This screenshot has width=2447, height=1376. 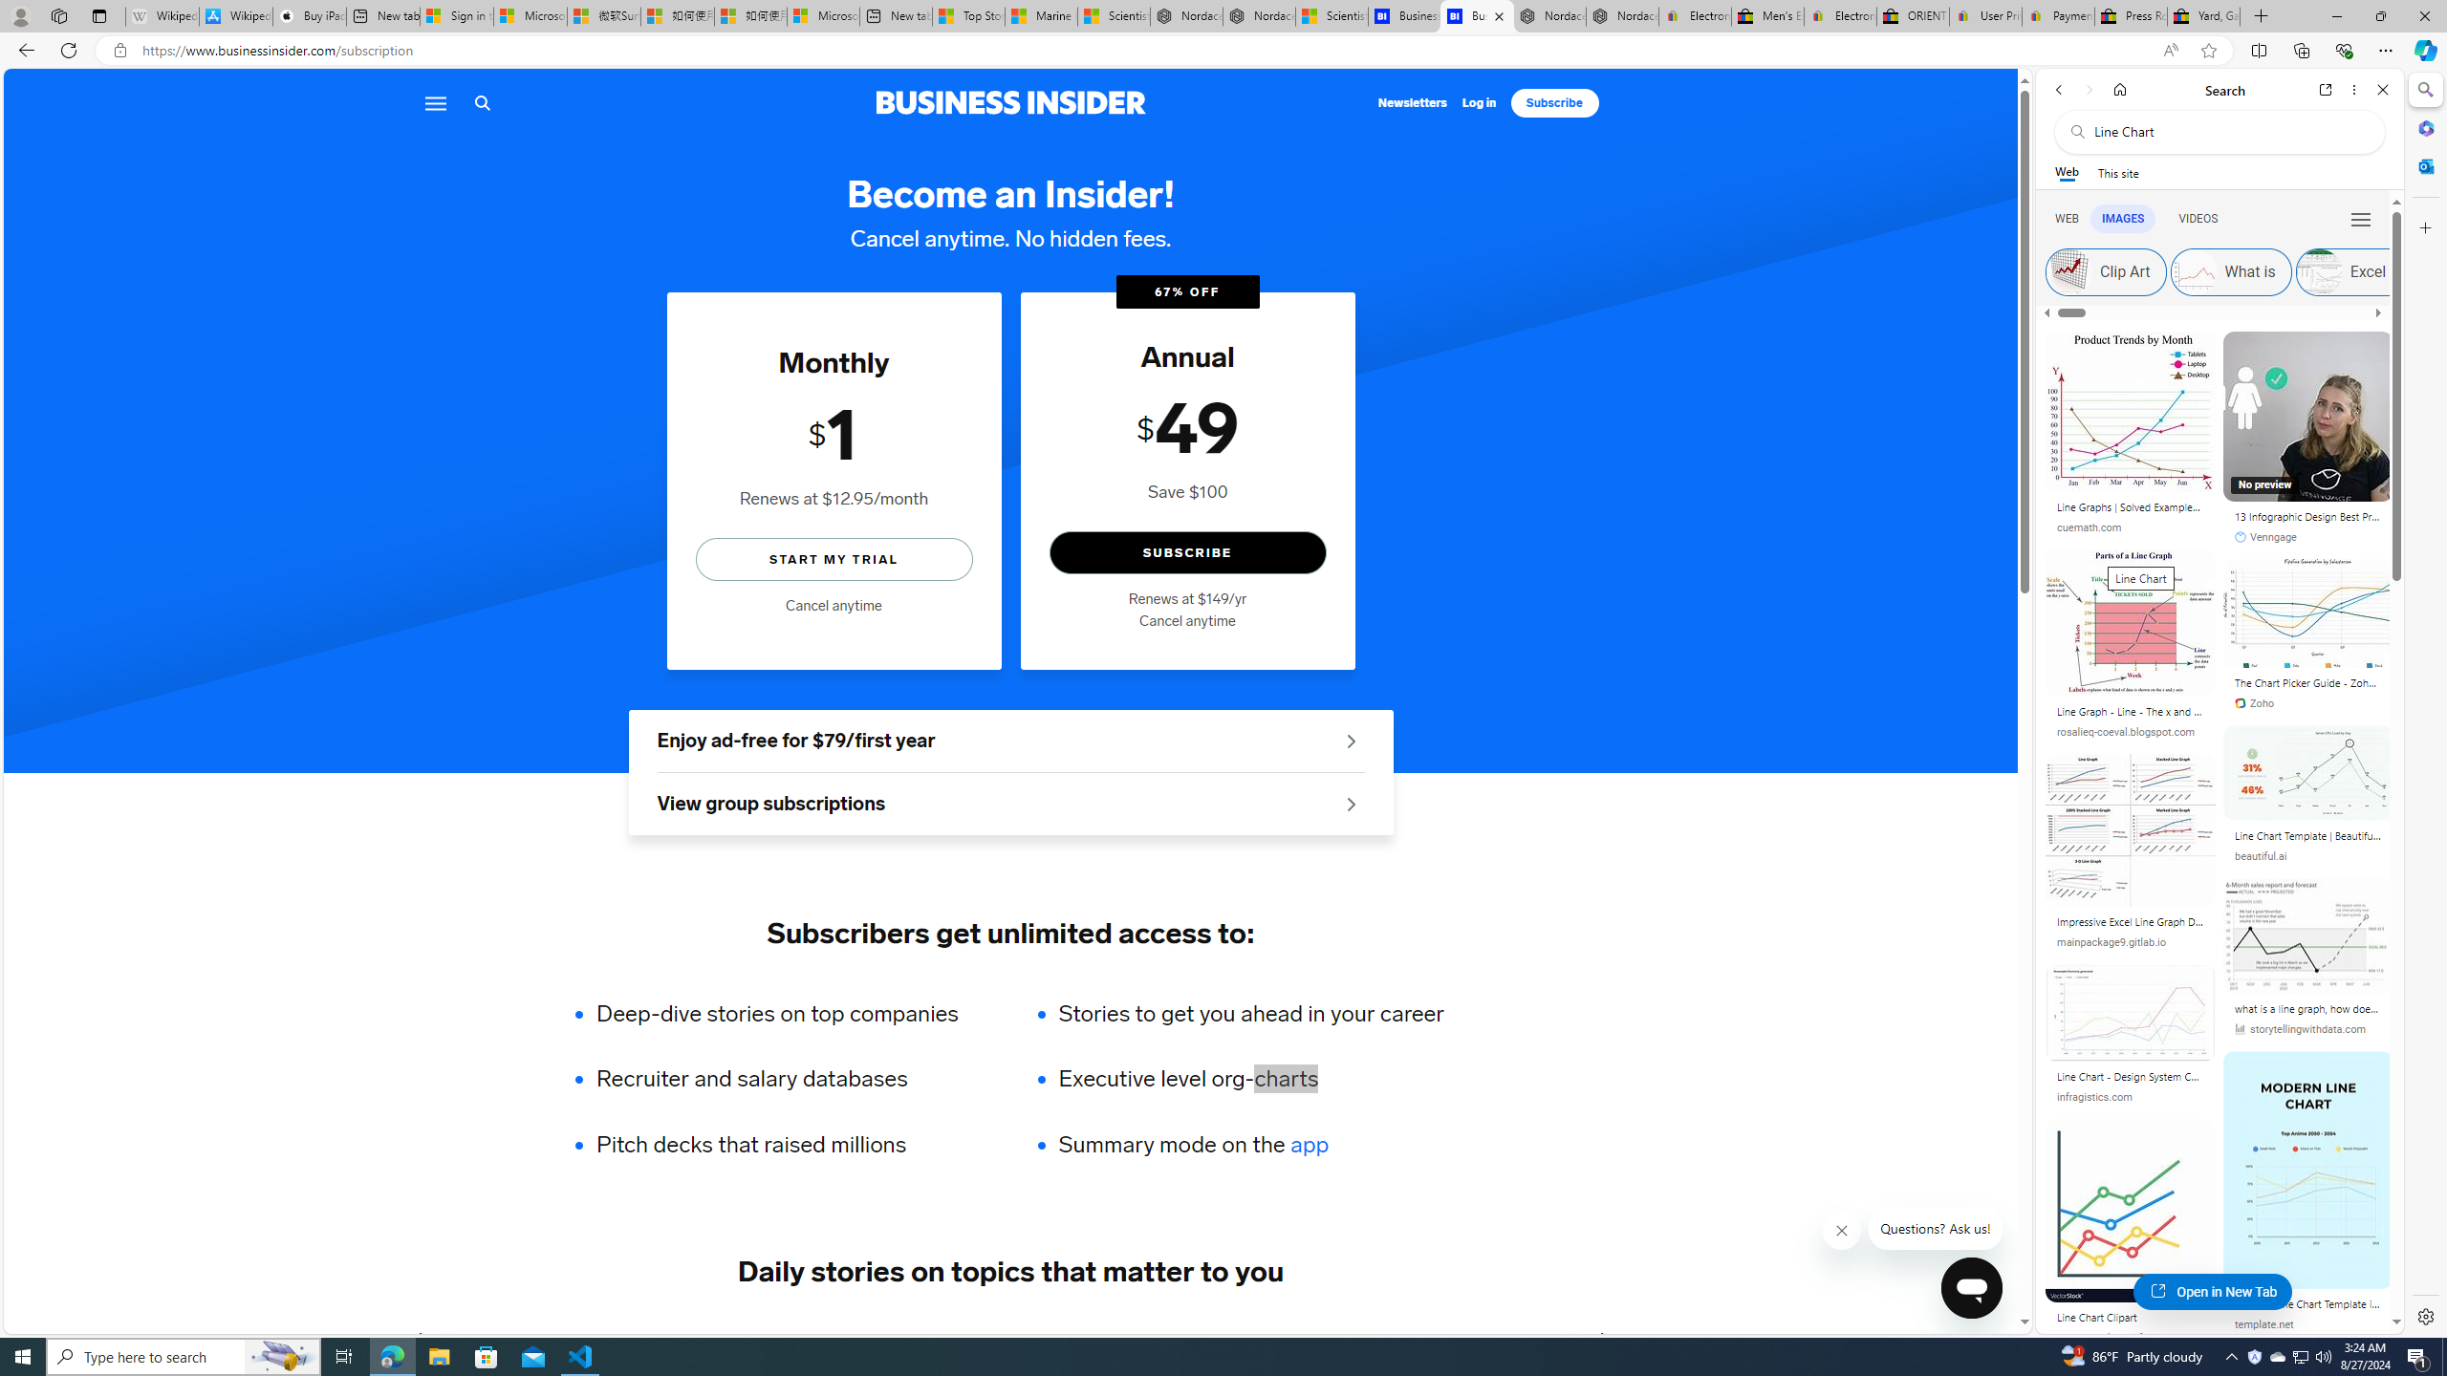 I want to click on 'Line Graph - Line - The x and y axis are used to.', so click(x=2131, y=711).